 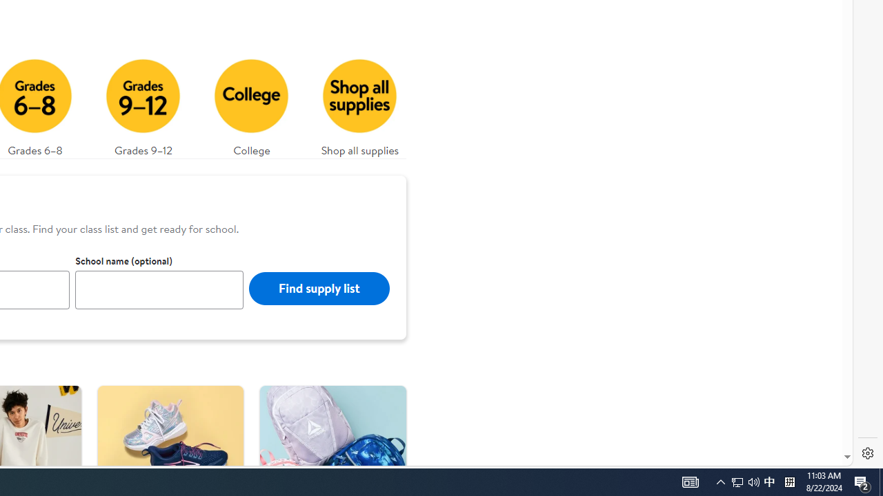 I want to click on 'School name (optional)', so click(x=159, y=289).